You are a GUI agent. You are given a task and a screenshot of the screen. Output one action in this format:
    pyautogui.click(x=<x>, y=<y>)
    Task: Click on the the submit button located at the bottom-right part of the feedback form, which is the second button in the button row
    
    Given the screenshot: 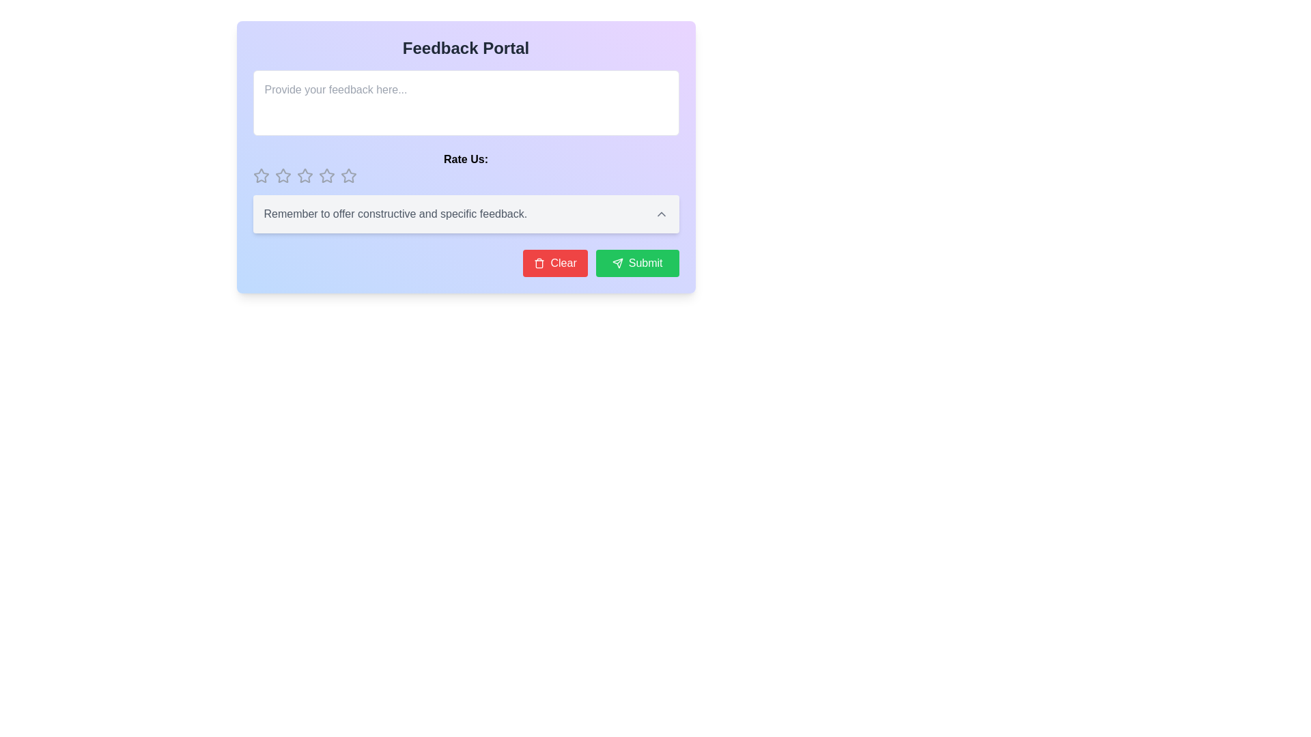 What is the action you would take?
    pyautogui.click(x=636, y=263)
    